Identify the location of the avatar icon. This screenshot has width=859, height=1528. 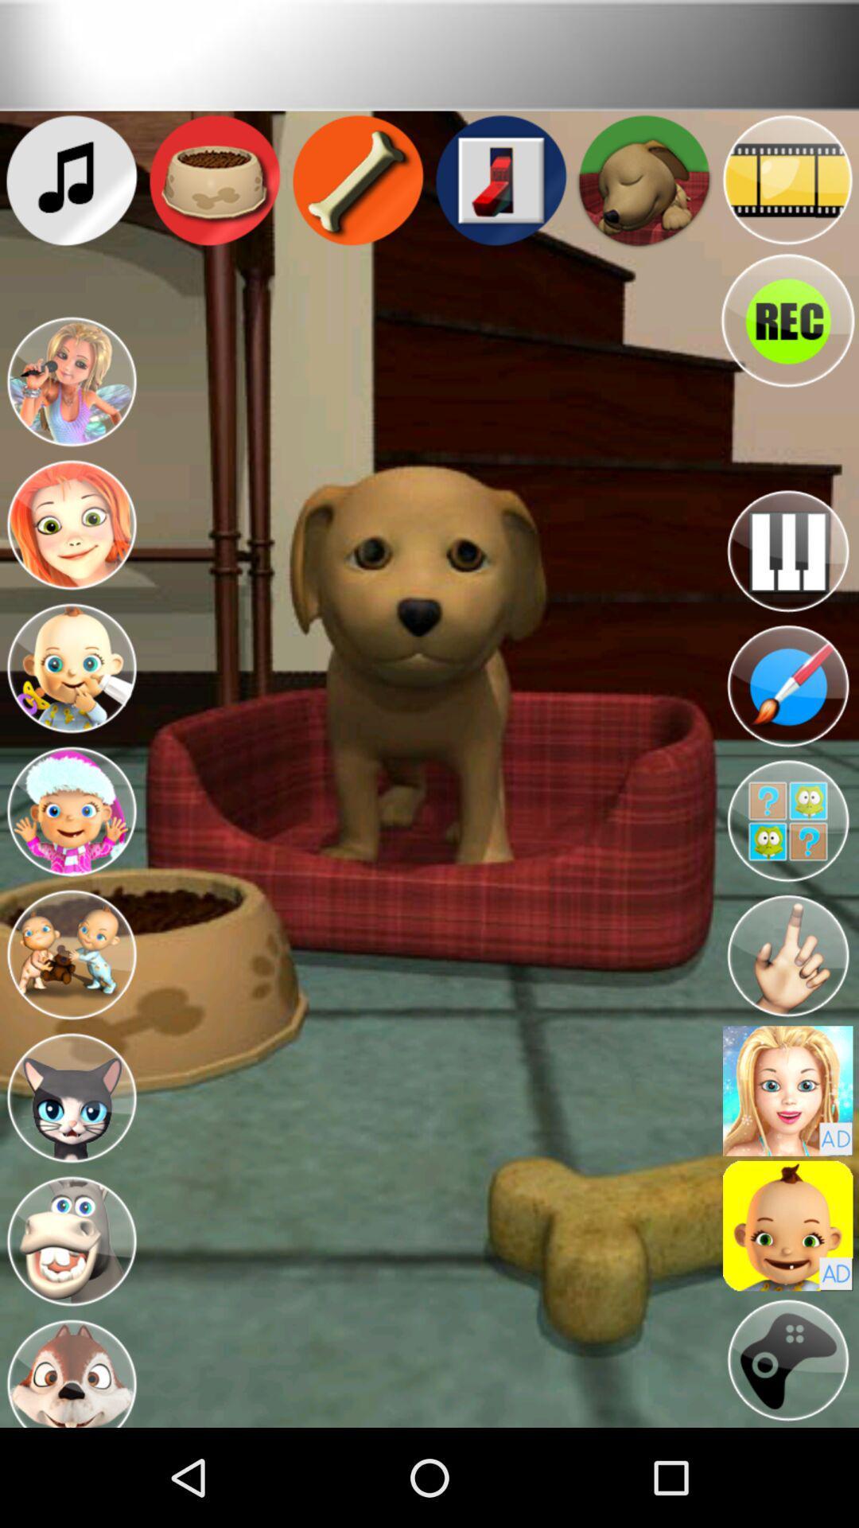
(70, 714).